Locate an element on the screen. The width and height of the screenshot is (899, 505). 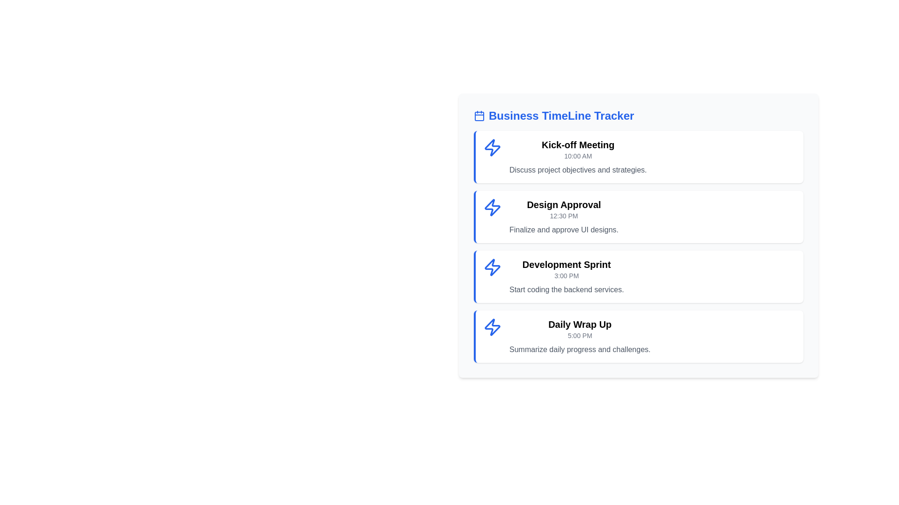
timestamp displayed in the 'Development Sprint' Text Label, which indicates the event's occurrence at 3:00 PM is located at coordinates (566, 275).